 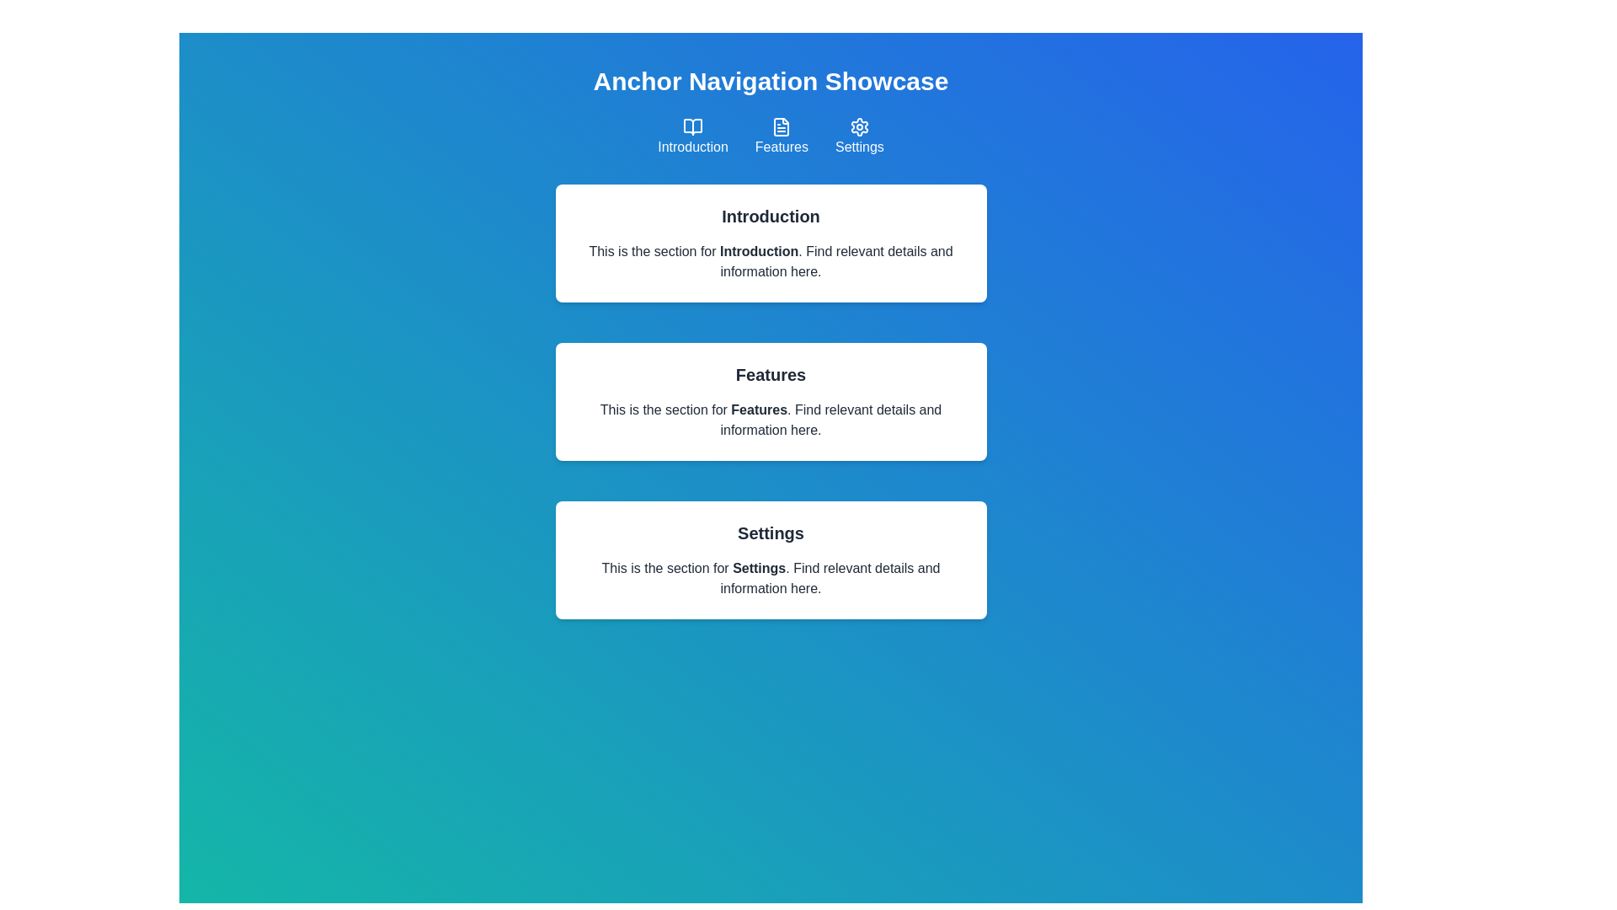 What do you see at coordinates (859, 136) in the screenshot?
I see `the gear-shaped icon labeled 'Settings'` at bounding box center [859, 136].